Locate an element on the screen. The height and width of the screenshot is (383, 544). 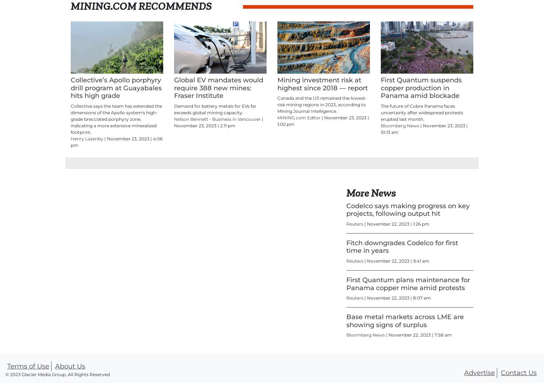
'The future of Cobre Panama faces uncertainty after widespread protests erupted last month.' is located at coordinates (422, 112).